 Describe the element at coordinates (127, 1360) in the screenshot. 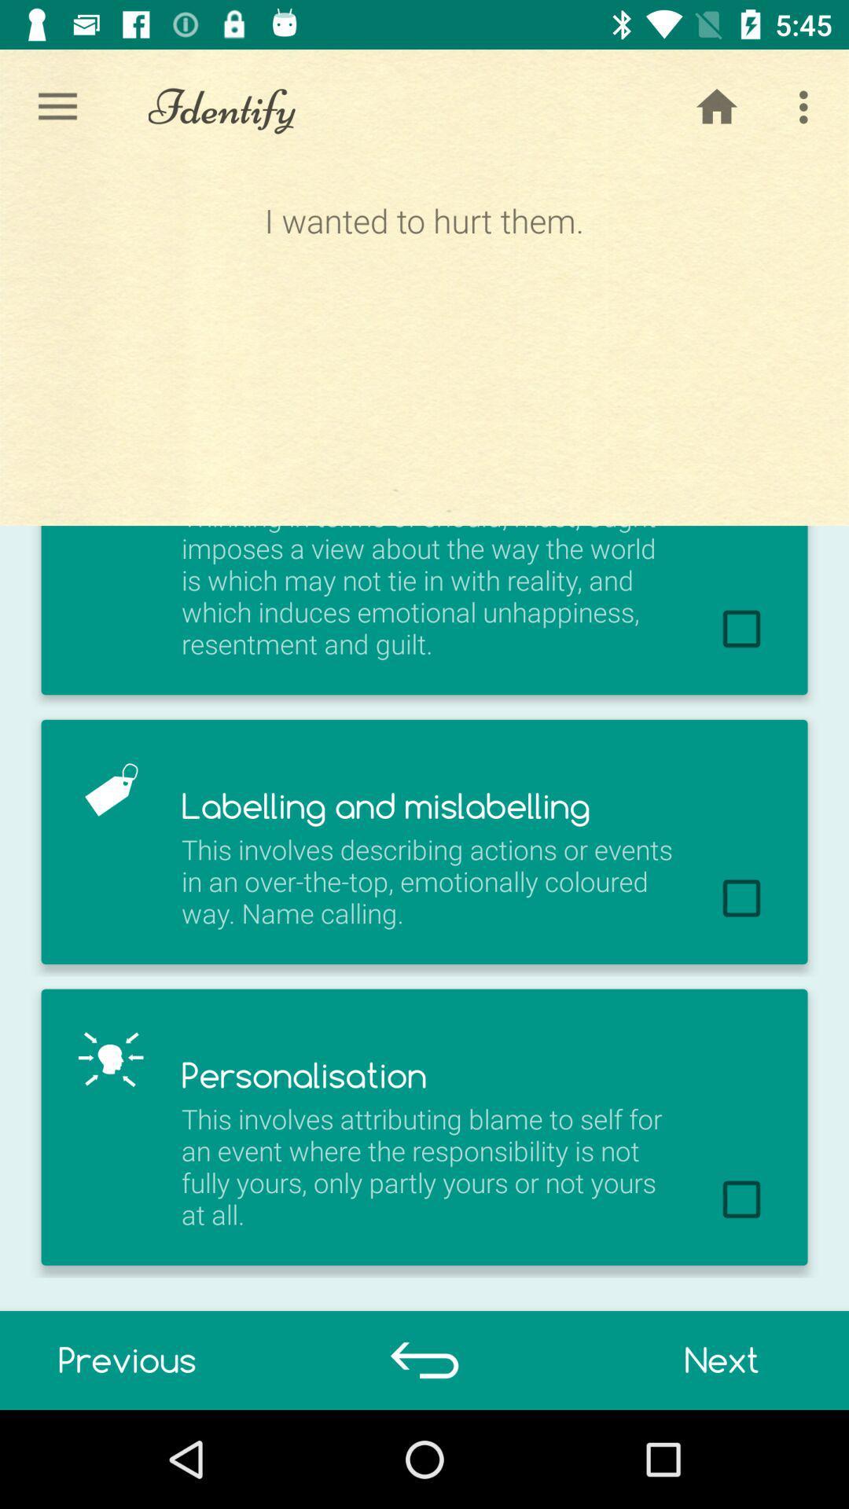

I see `the previous icon` at that location.